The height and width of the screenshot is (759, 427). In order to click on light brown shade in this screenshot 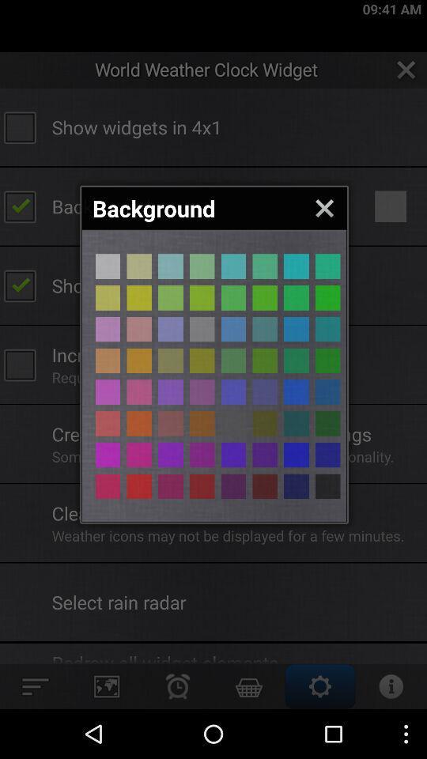, I will do `click(170, 328)`.